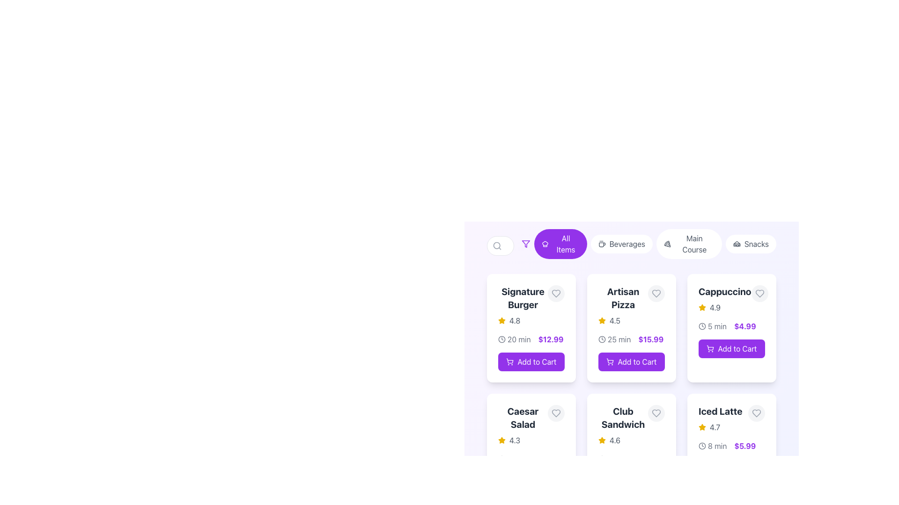 The width and height of the screenshot is (899, 505). I want to click on the text label indicating the cost of the 'Cappuccino' item, which is located to the right of the '5 min' label within the item card in the top-right corner of the second row in the grid, so click(744, 326).